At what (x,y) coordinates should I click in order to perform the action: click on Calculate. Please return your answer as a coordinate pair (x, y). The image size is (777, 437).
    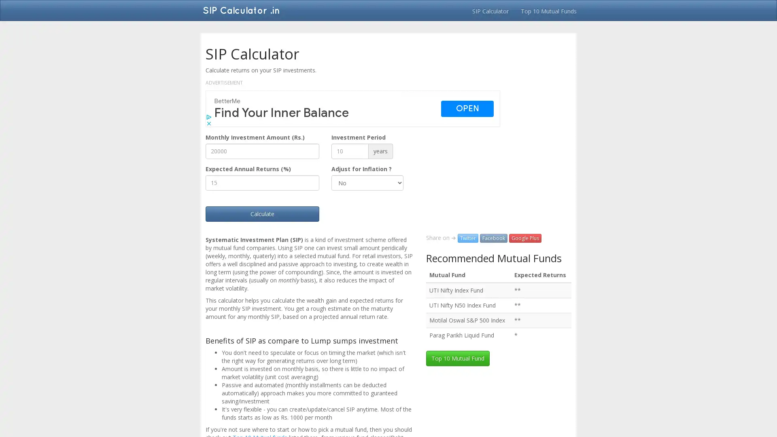
    Looking at the image, I should click on (262, 213).